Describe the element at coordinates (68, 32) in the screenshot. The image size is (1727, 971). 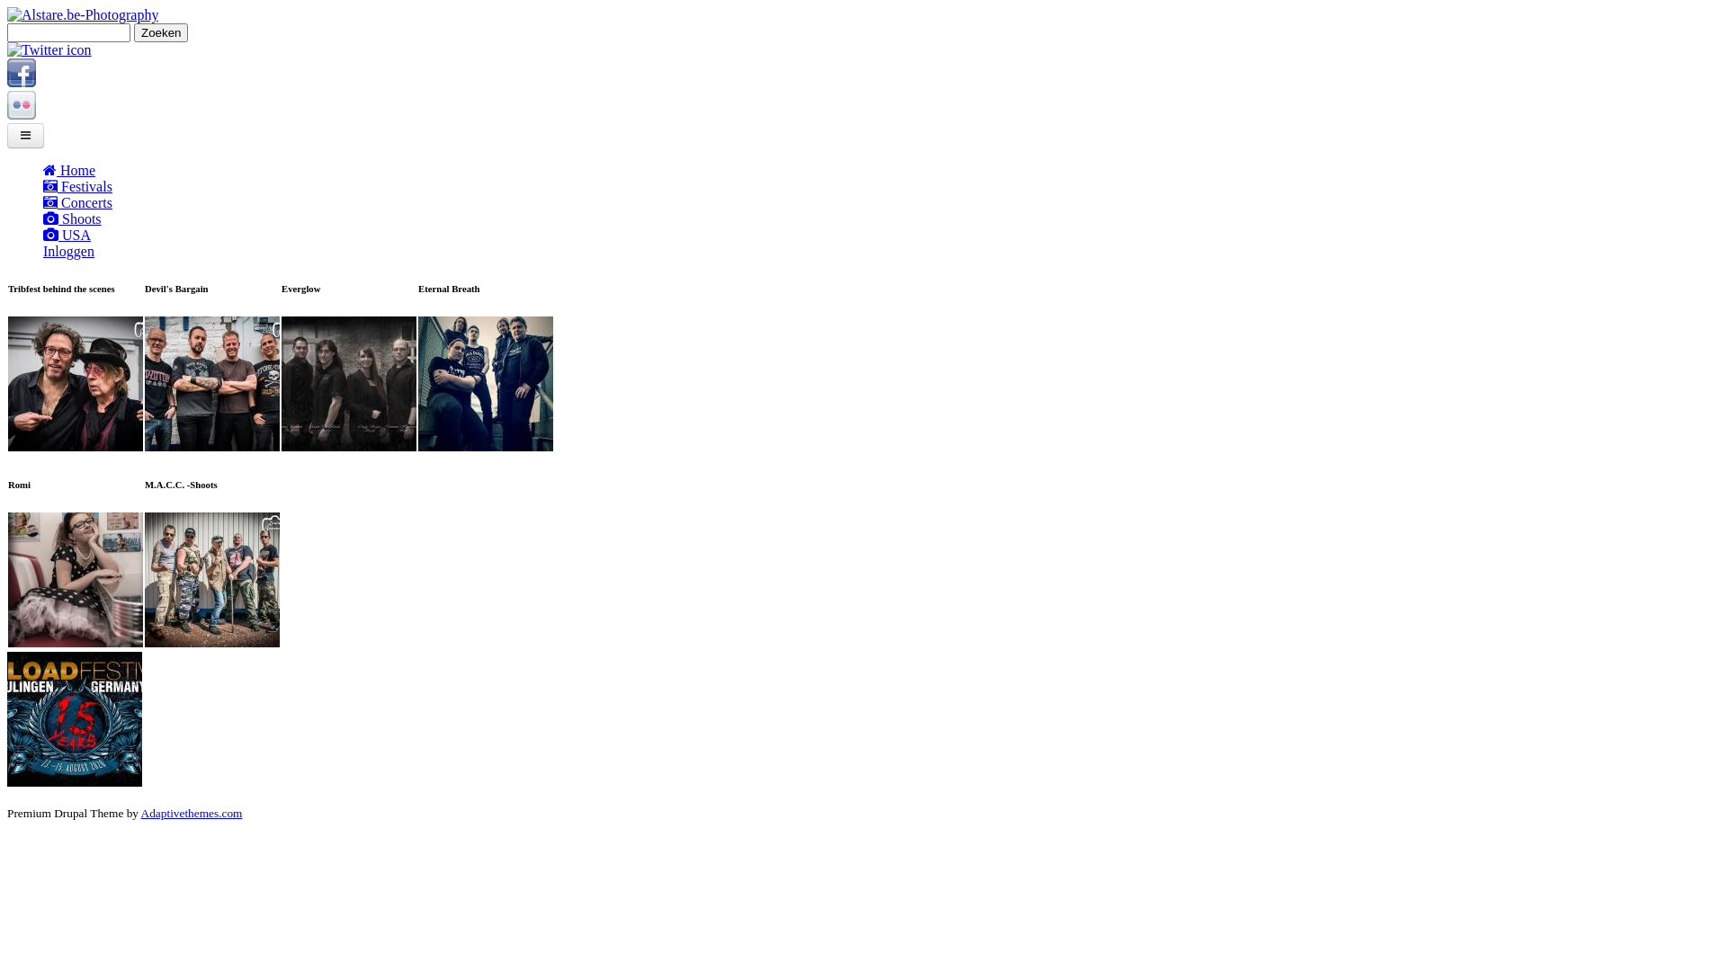
I see `'Geef de woorden op waarnaar u wilt zoeken.'` at that location.